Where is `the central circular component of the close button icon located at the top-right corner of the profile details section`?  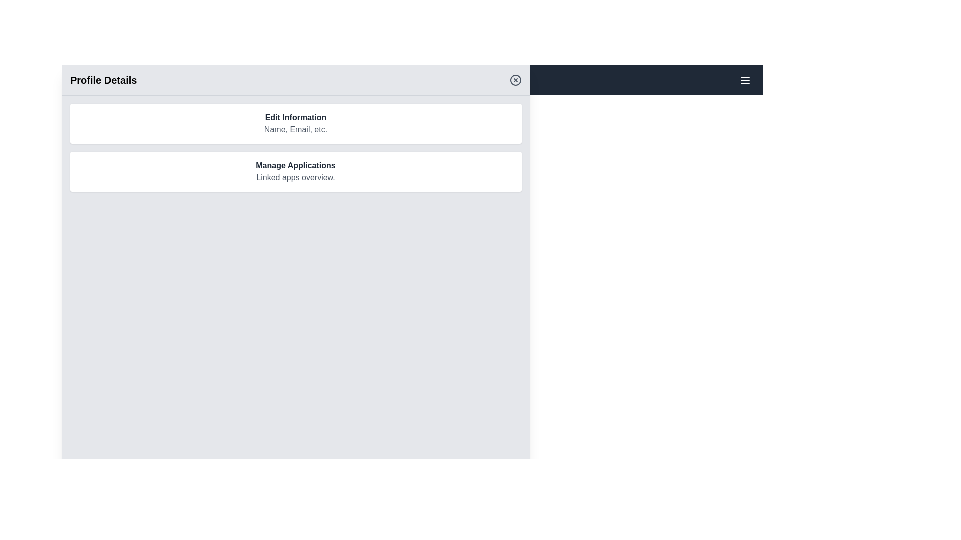
the central circular component of the close button icon located at the top-right corner of the profile details section is located at coordinates (516, 80).